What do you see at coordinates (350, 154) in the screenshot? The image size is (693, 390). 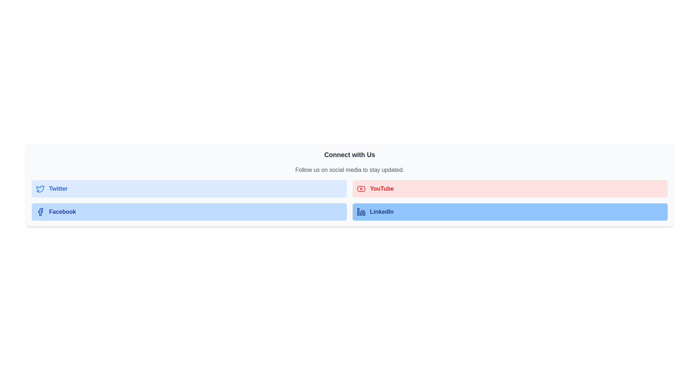 I see `the 'Connect with Us' text label, which is a bold sans-serif header in dark gray color located at the top of a section above descriptive text and social media links` at bounding box center [350, 154].